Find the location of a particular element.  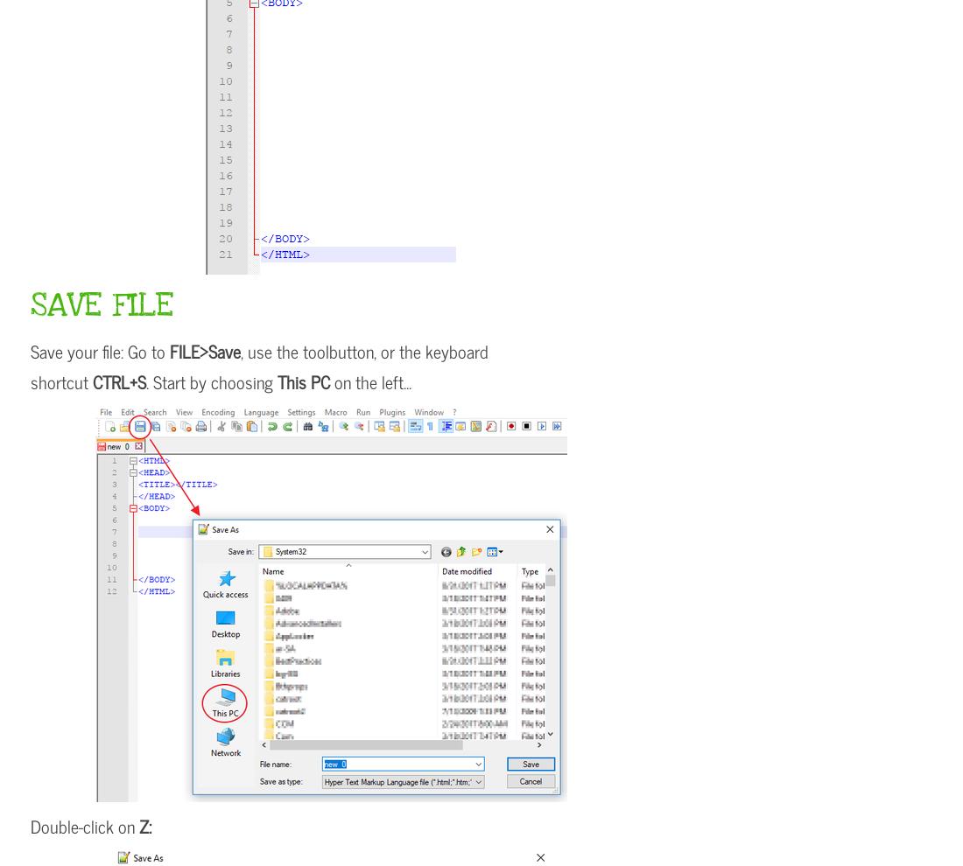

'CTRL+S' is located at coordinates (119, 381).